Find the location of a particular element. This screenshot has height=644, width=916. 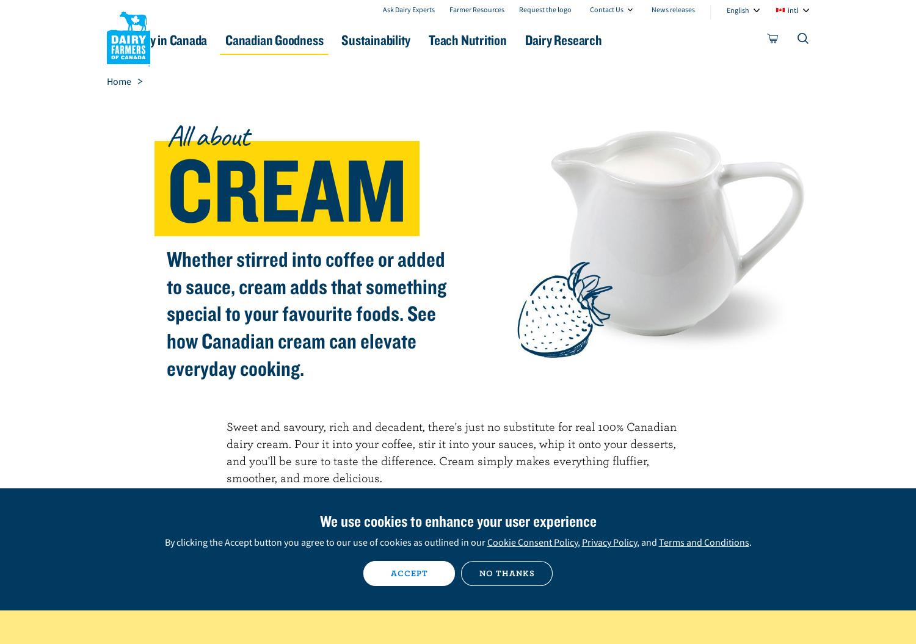

'By clicking the Accept button you agree to our use of cookies as outlined in our' is located at coordinates (325, 541).